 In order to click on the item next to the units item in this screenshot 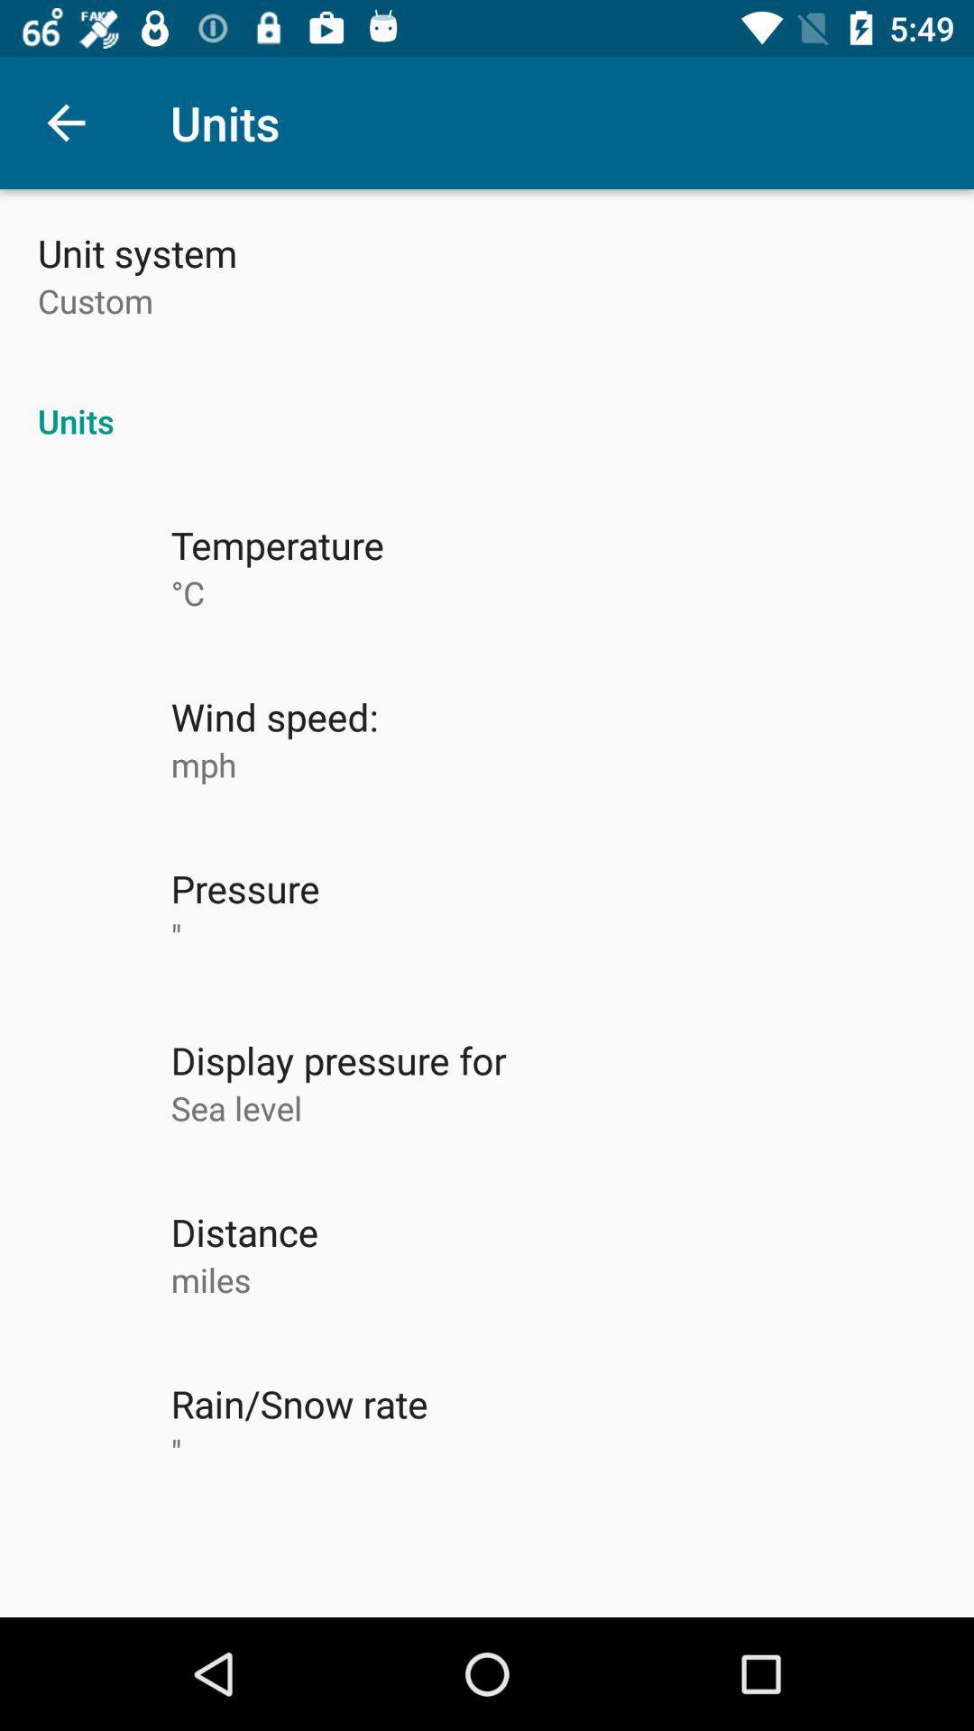, I will do `click(65, 122)`.